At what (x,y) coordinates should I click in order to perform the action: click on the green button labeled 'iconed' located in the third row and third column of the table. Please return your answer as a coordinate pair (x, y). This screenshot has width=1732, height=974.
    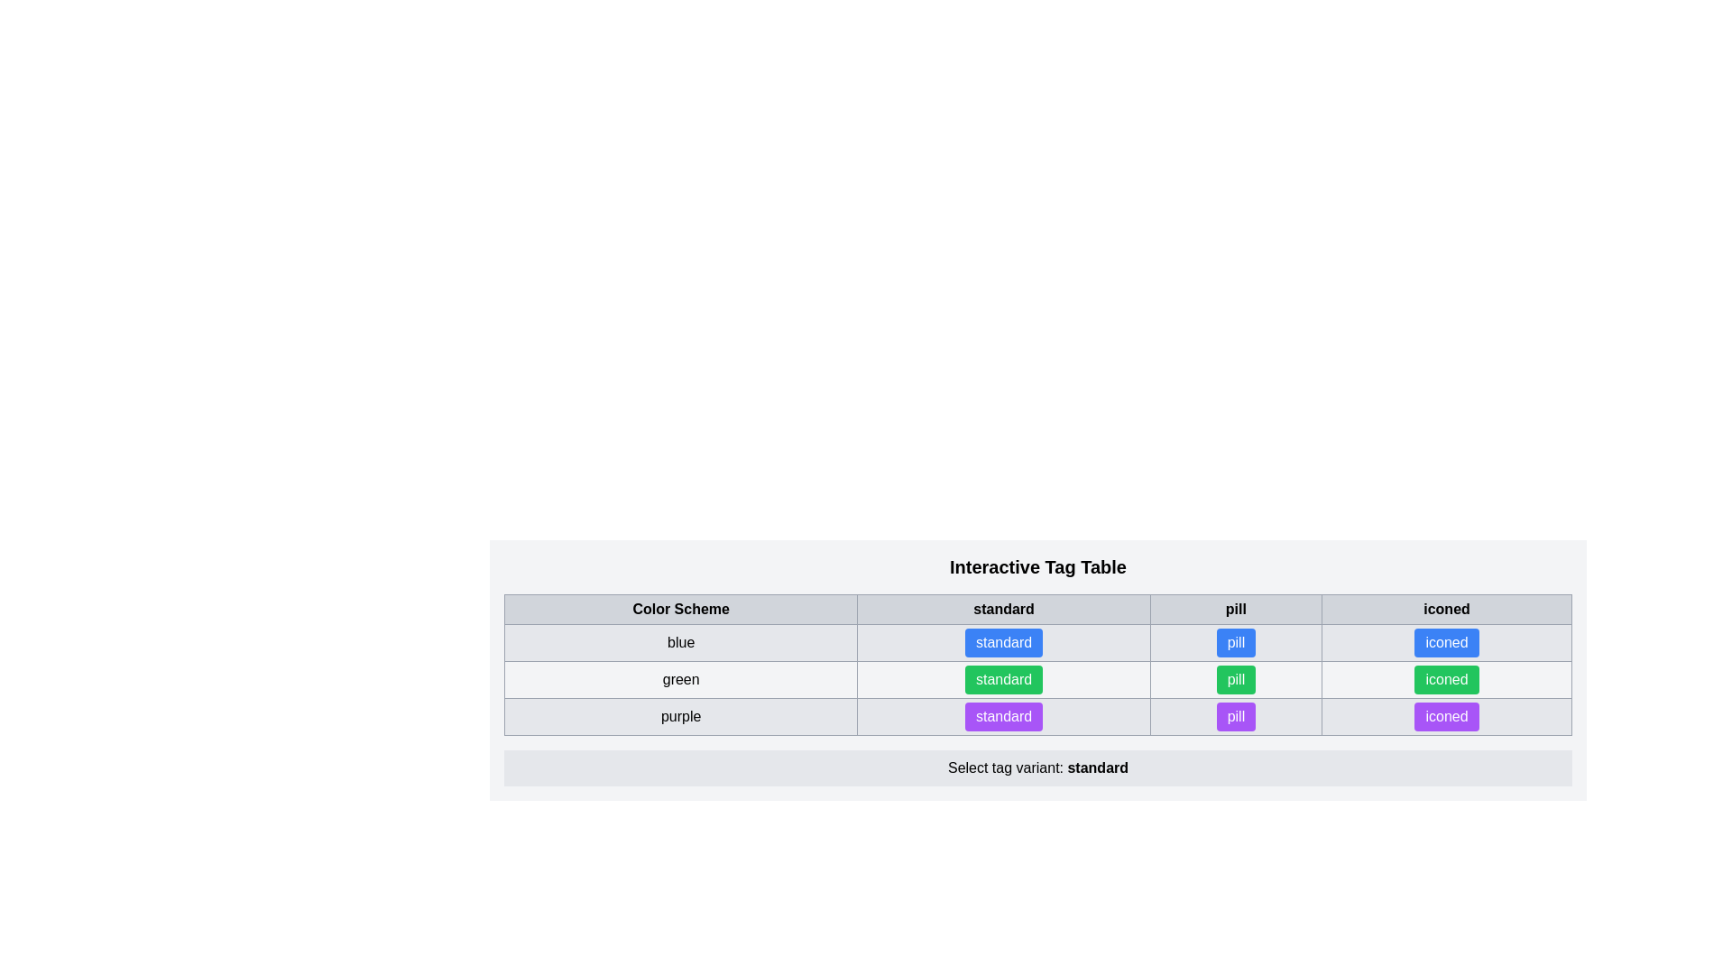
    Looking at the image, I should click on (1446, 679).